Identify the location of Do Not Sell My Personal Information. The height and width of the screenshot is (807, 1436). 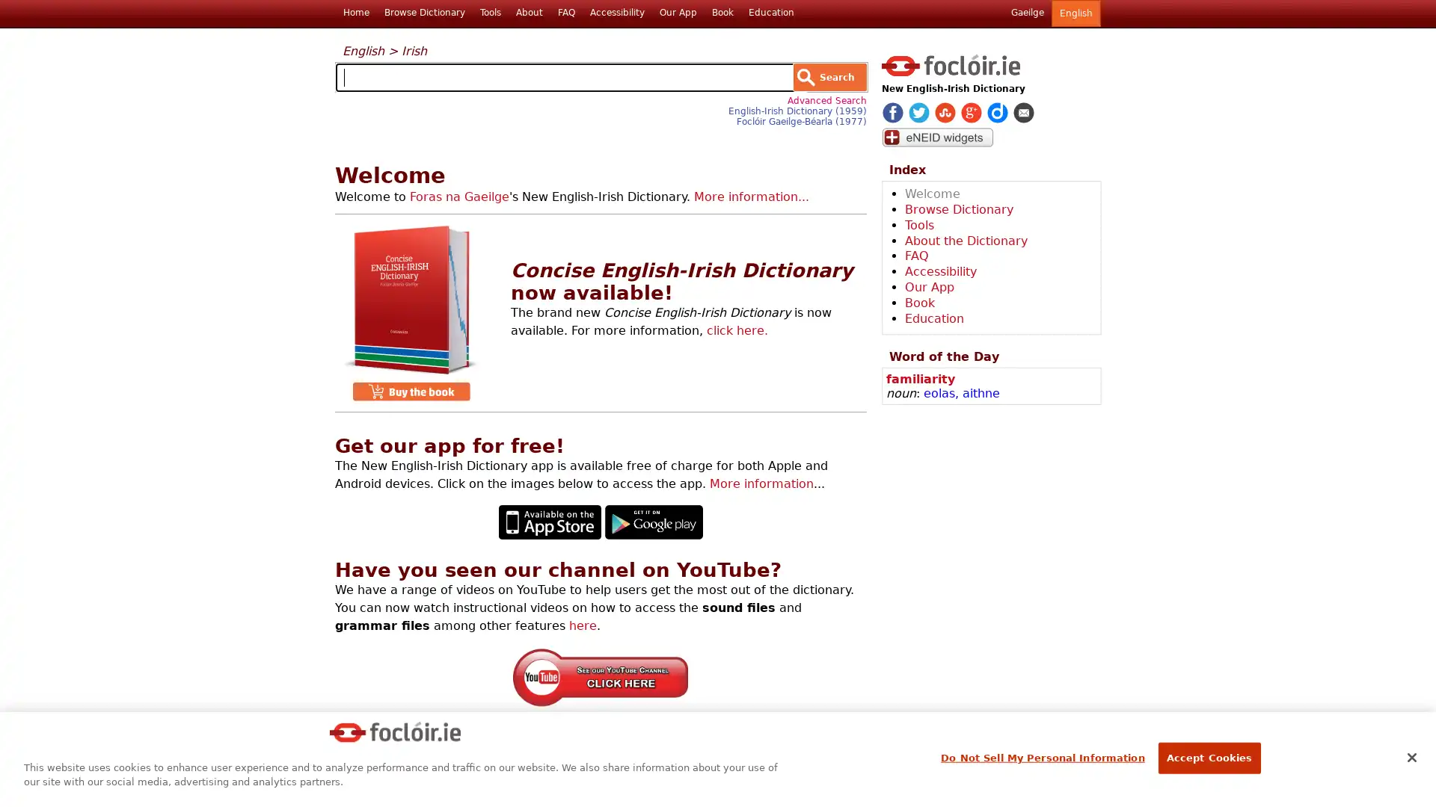
(1041, 758).